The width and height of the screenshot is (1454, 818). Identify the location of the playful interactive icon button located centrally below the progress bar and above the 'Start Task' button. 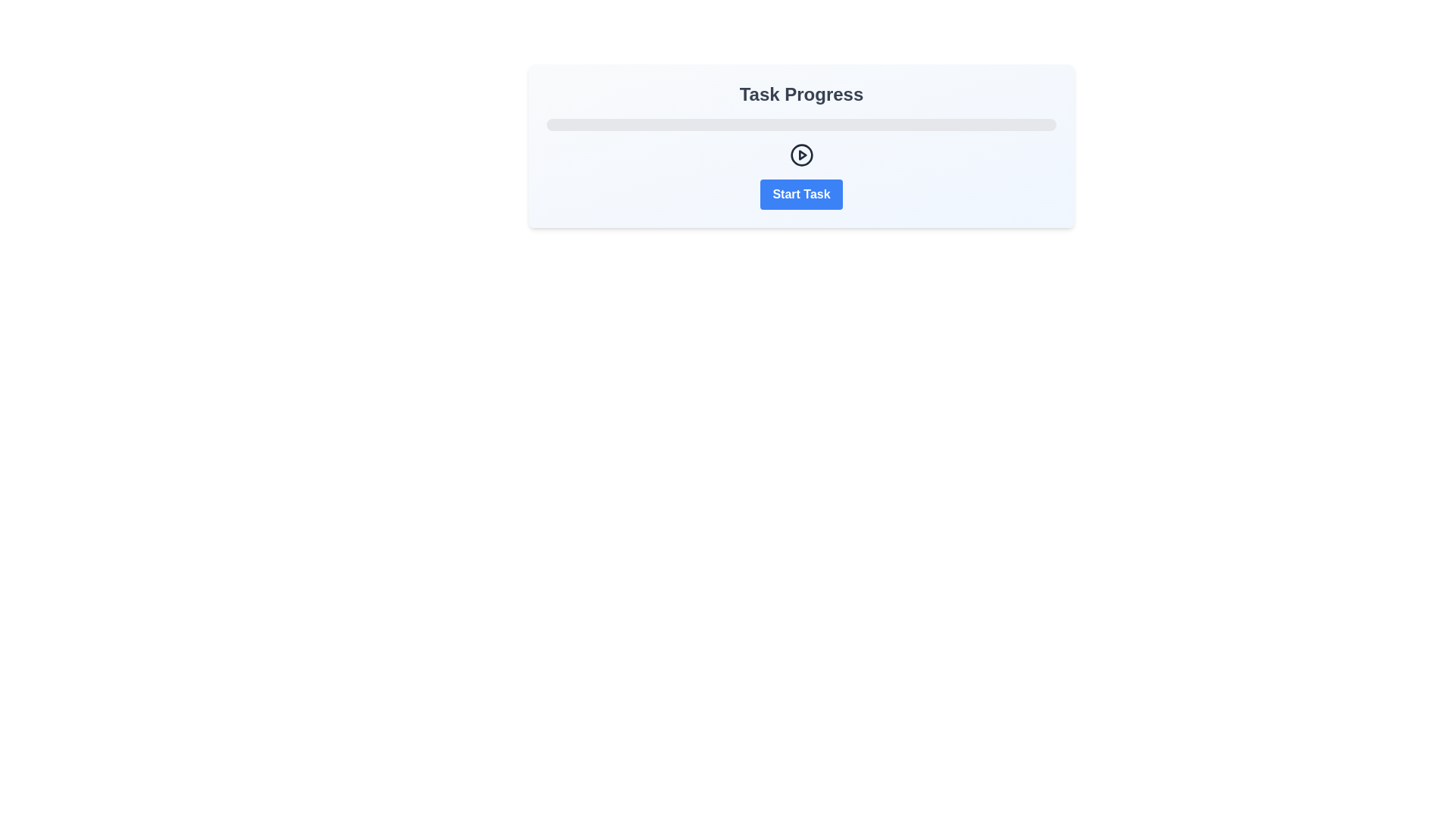
(800, 155).